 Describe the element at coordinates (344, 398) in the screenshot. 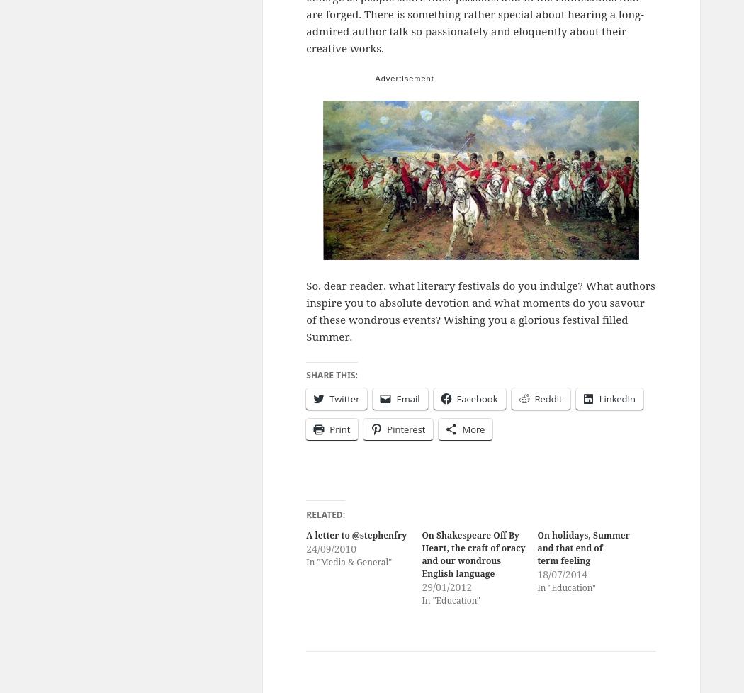

I see `'Twitter'` at that location.